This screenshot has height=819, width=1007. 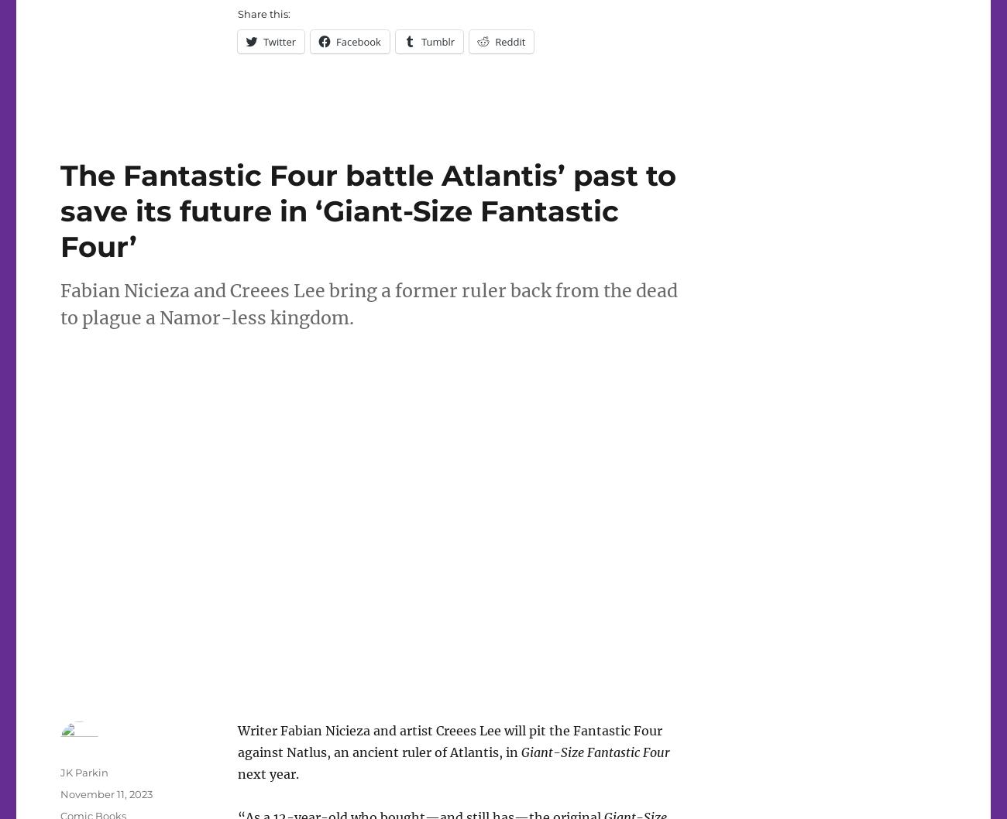 What do you see at coordinates (594, 751) in the screenshot?
I see `'Giant-Size Fantastic Four'` at bounding box center [594, 751].